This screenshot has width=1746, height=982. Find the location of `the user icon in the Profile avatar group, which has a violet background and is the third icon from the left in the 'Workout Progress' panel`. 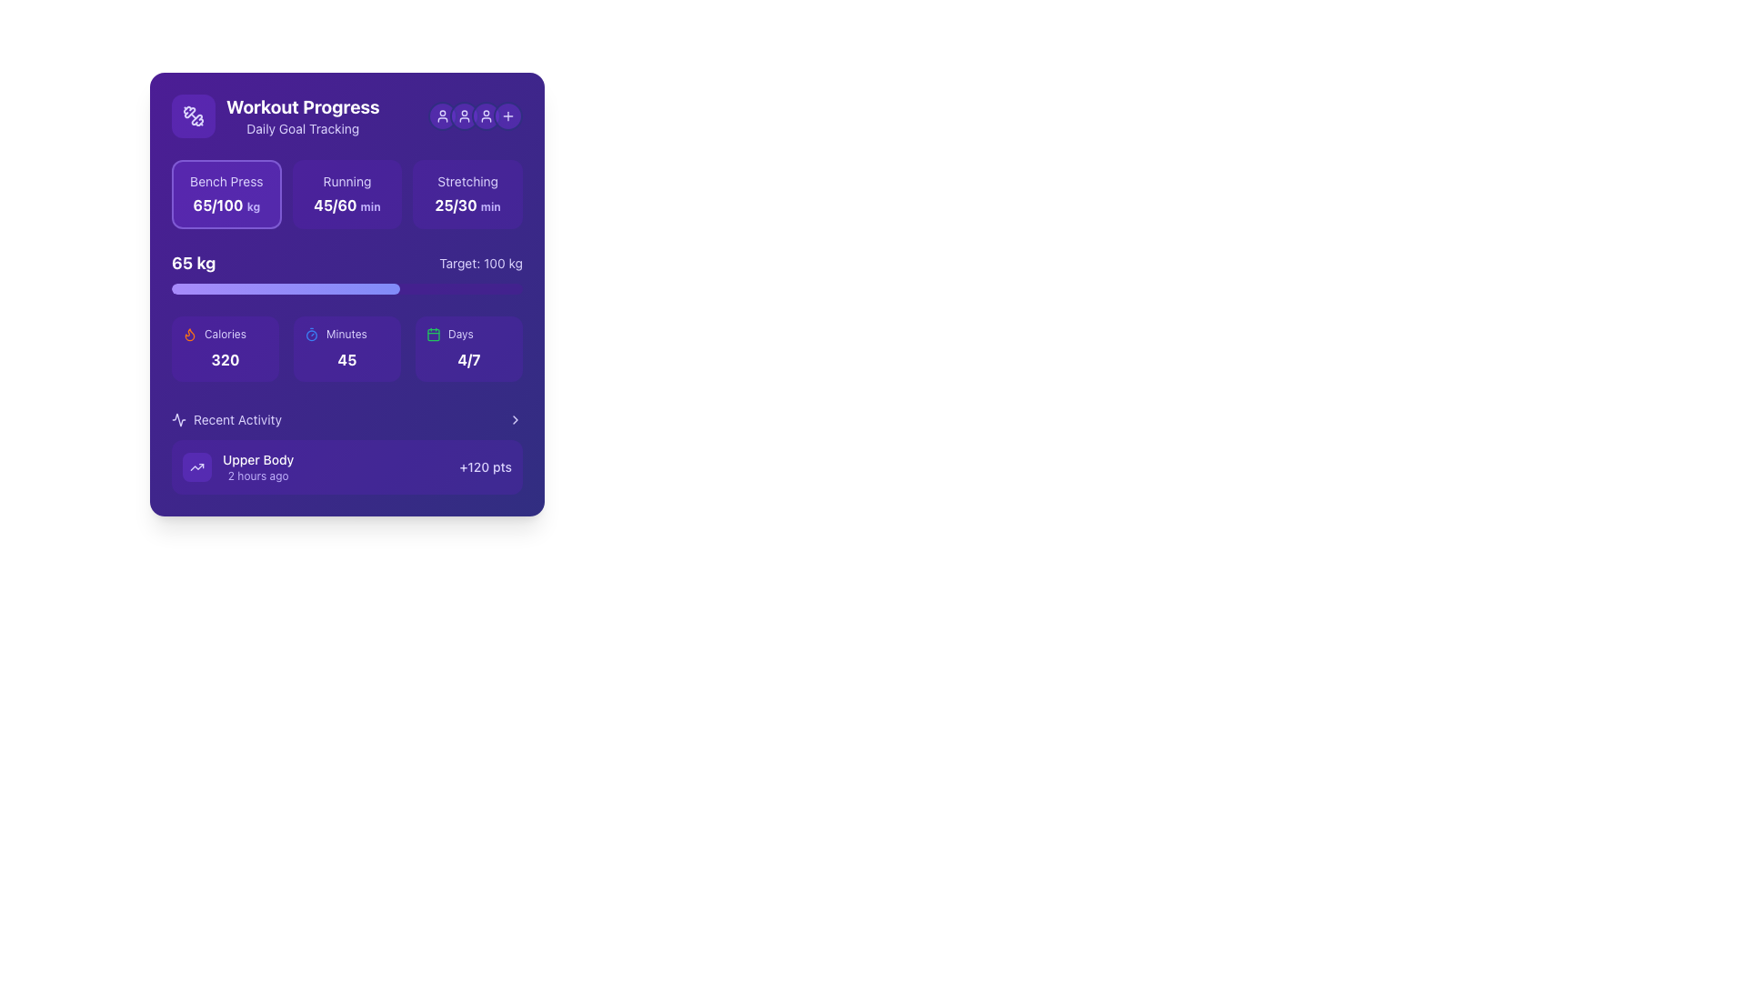

the user icon in the Profile avatar group, which has a violet background and is the third icon from the left in the 'Workout Progress' panel is located at coordinates (476, 115).